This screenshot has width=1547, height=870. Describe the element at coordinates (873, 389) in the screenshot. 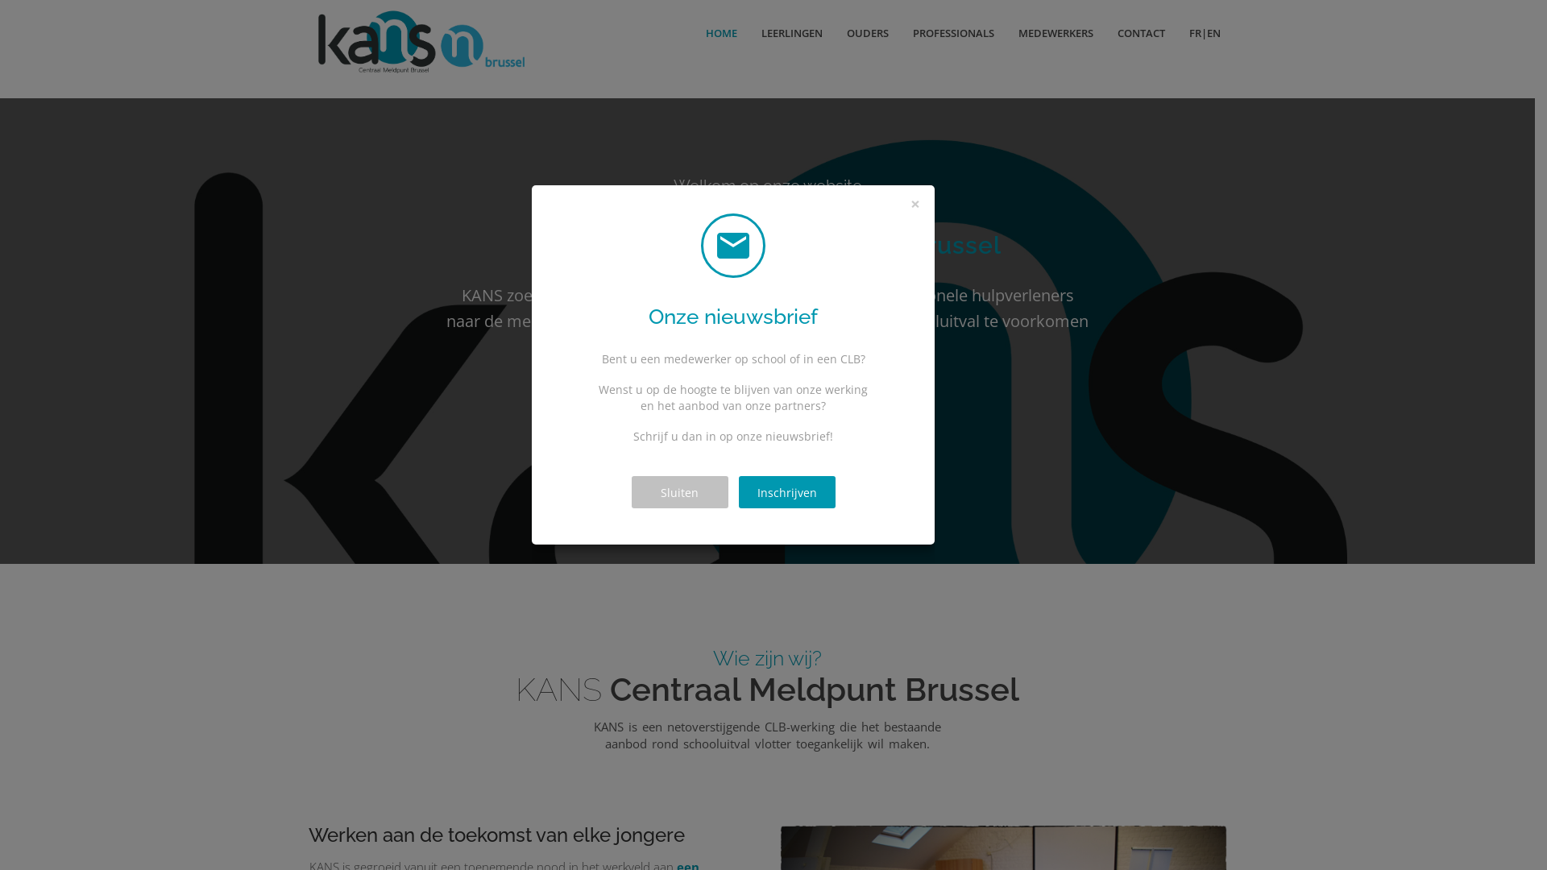

I see `'Professionals'` at that location.